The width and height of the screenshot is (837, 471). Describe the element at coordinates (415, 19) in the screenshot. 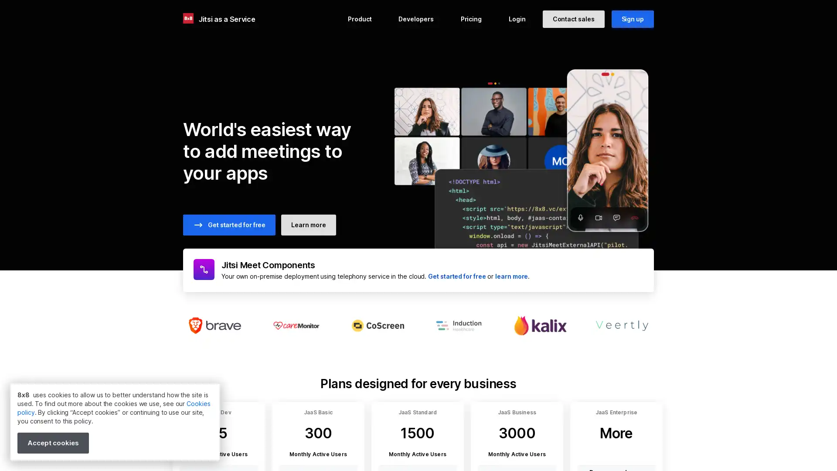

I see `Developers` at that location.